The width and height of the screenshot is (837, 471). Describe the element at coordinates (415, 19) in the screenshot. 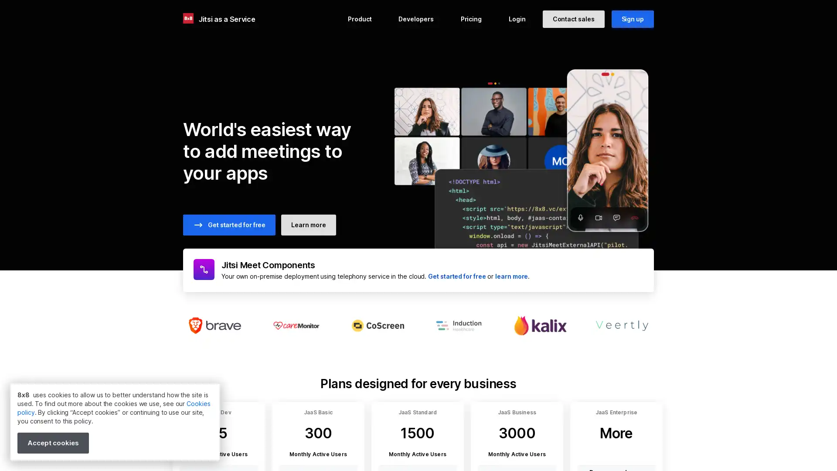

I see `Developers` at that location.